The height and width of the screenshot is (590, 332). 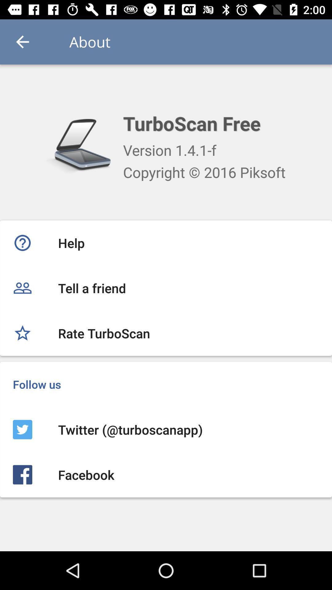 I want to click on help icon, so click(x=166, y=242).